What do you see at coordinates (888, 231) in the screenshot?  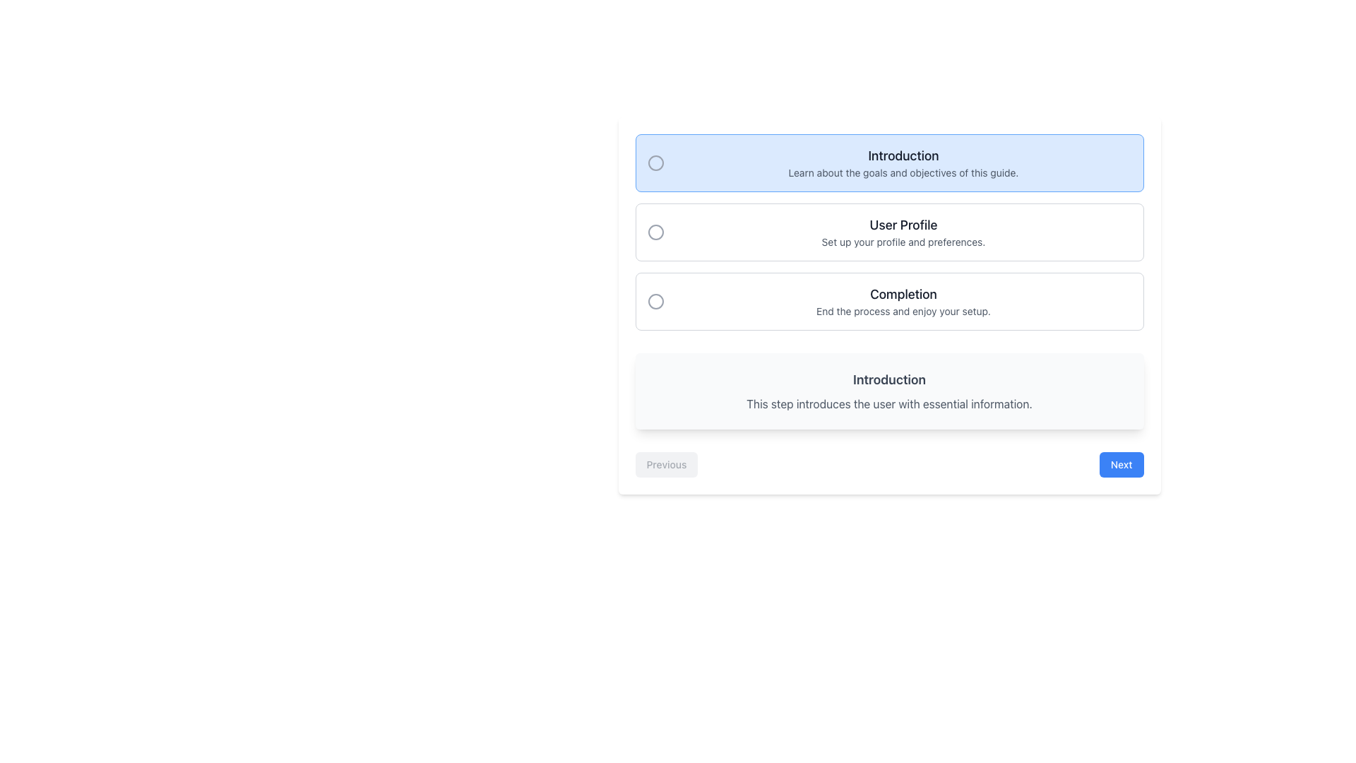 I see `the second informational card in the vertical list that introduces the 'User Profile' section` at bounding box center [888, 231].